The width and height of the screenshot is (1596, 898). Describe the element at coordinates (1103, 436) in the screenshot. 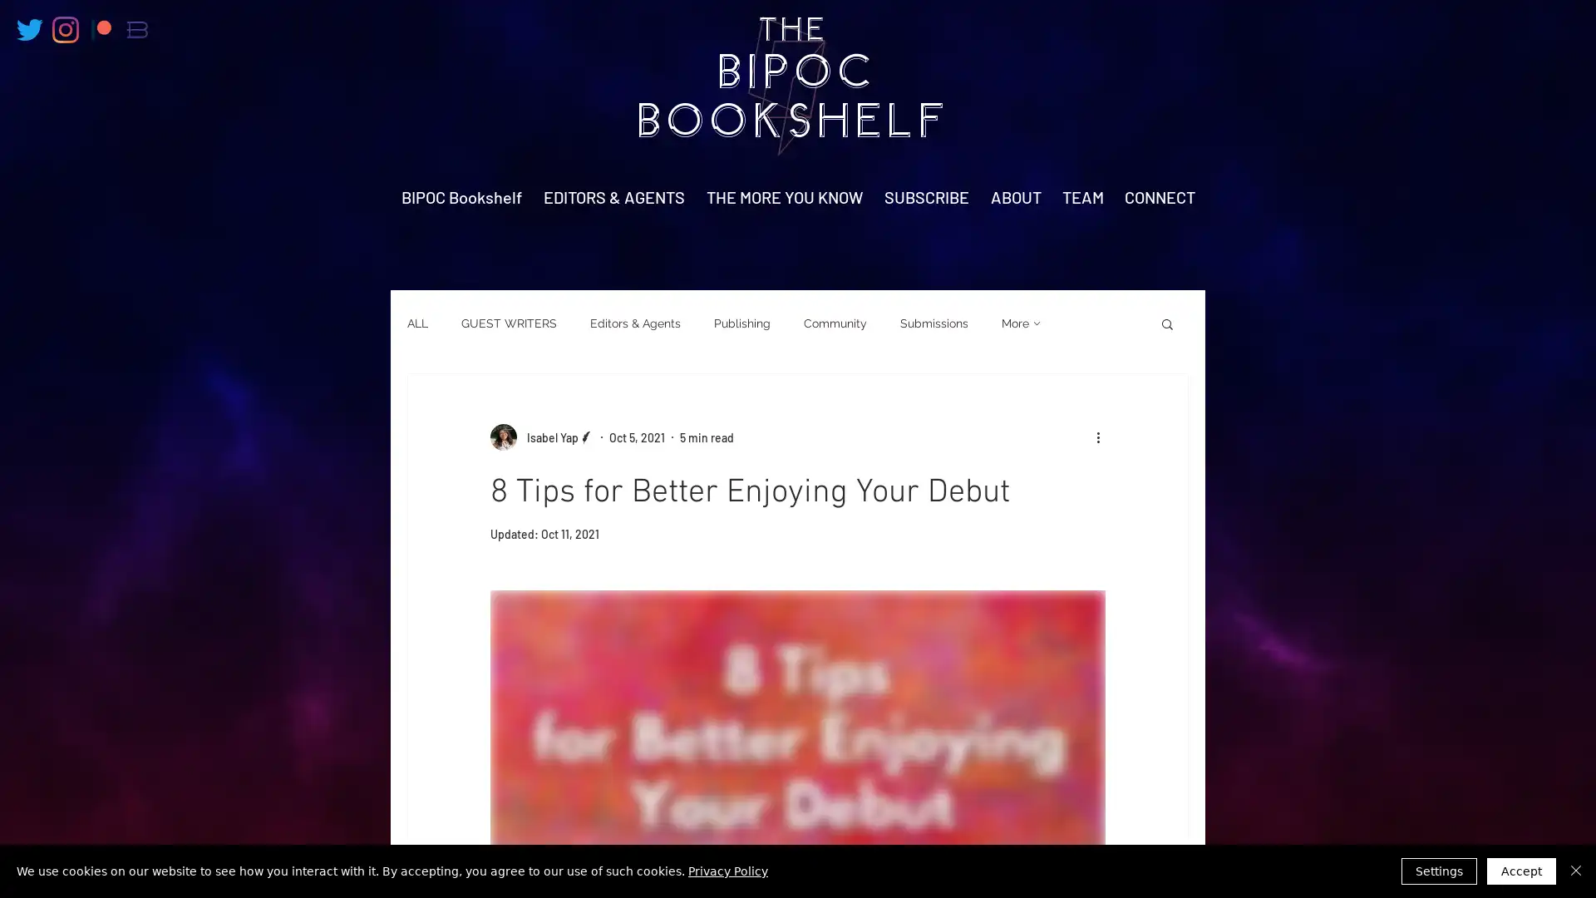

I see `More actions` at that location.